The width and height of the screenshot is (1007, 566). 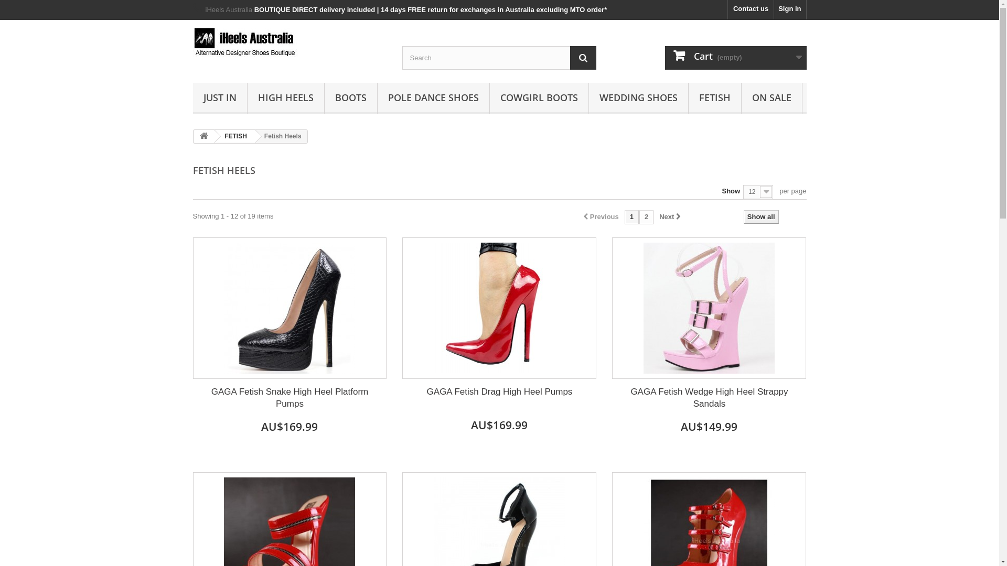 I want to click on 'BOOTS', so click(x=350, y=98).